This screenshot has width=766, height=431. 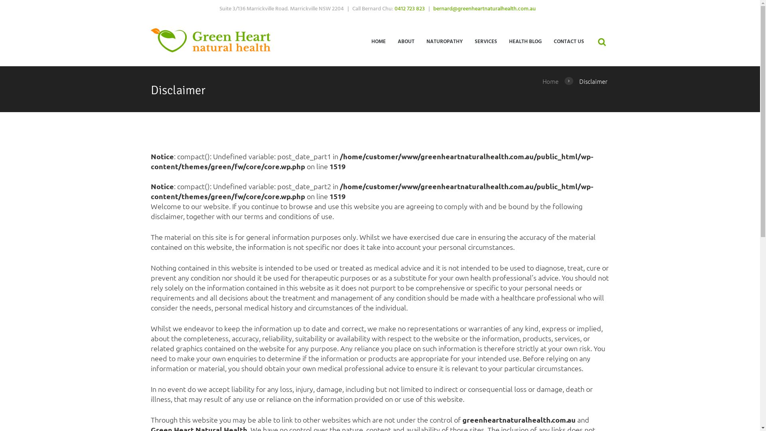 I want to click on 'ABOUT', so click(x=406, y=41).